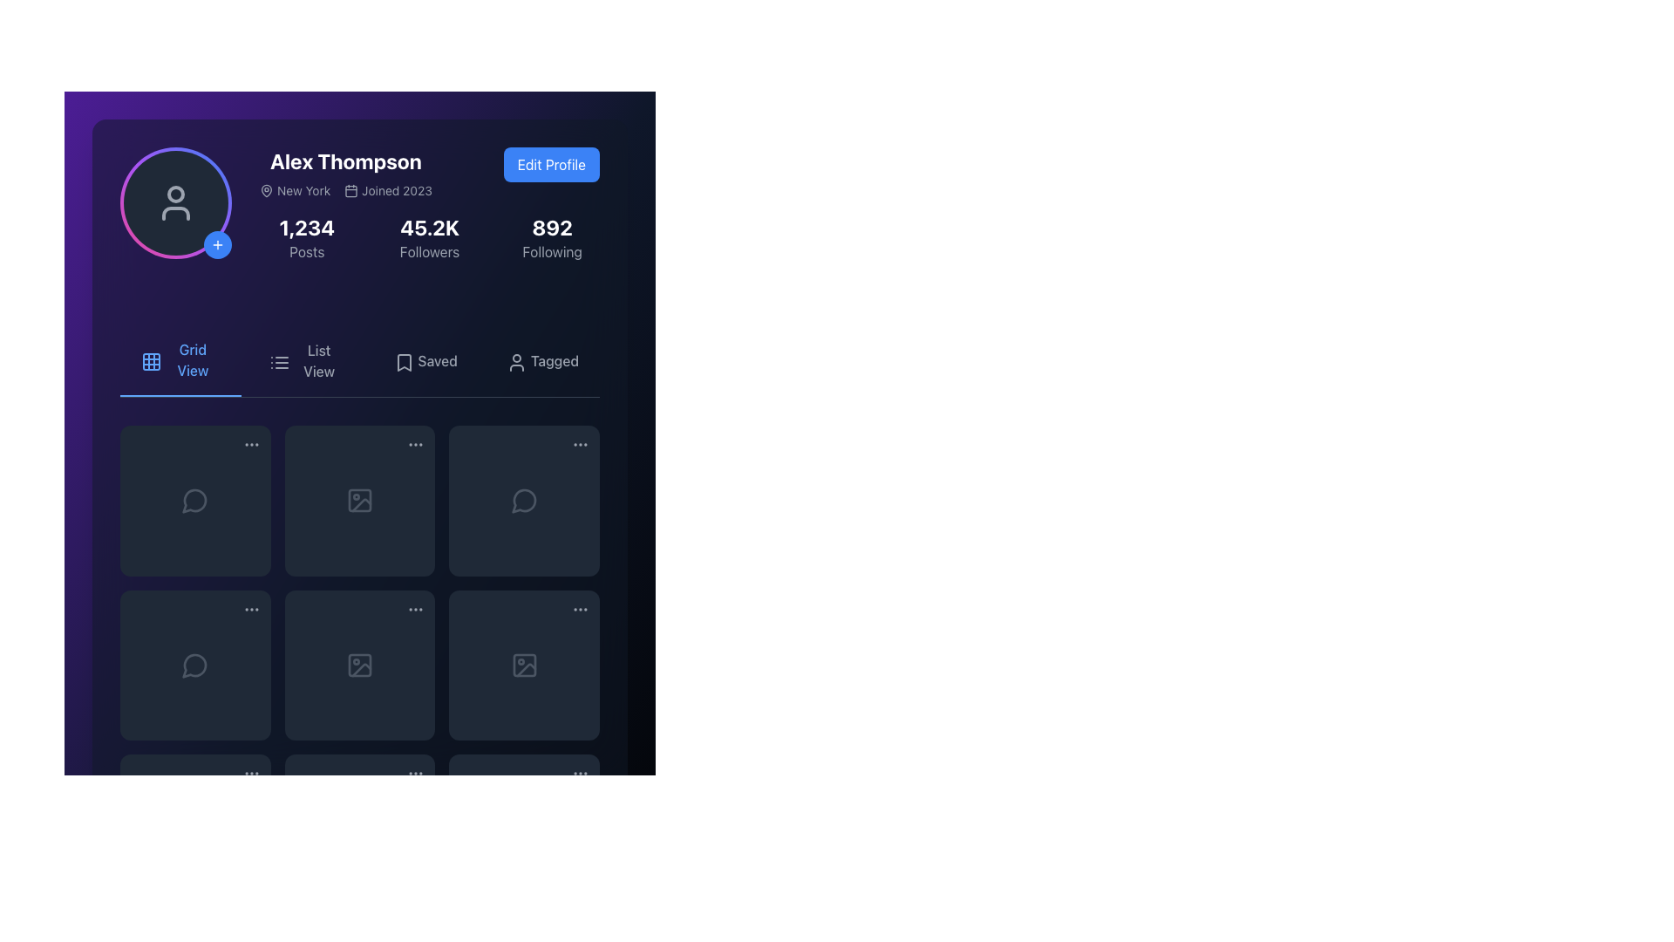 The width and height of the screenshot is (1674, 942). I want to click on the text label reading 'Grid View', which is styled in a medium-weight blue font and located beneath a grid icon in the top-left quadrant of the layout, so click(193, 358).